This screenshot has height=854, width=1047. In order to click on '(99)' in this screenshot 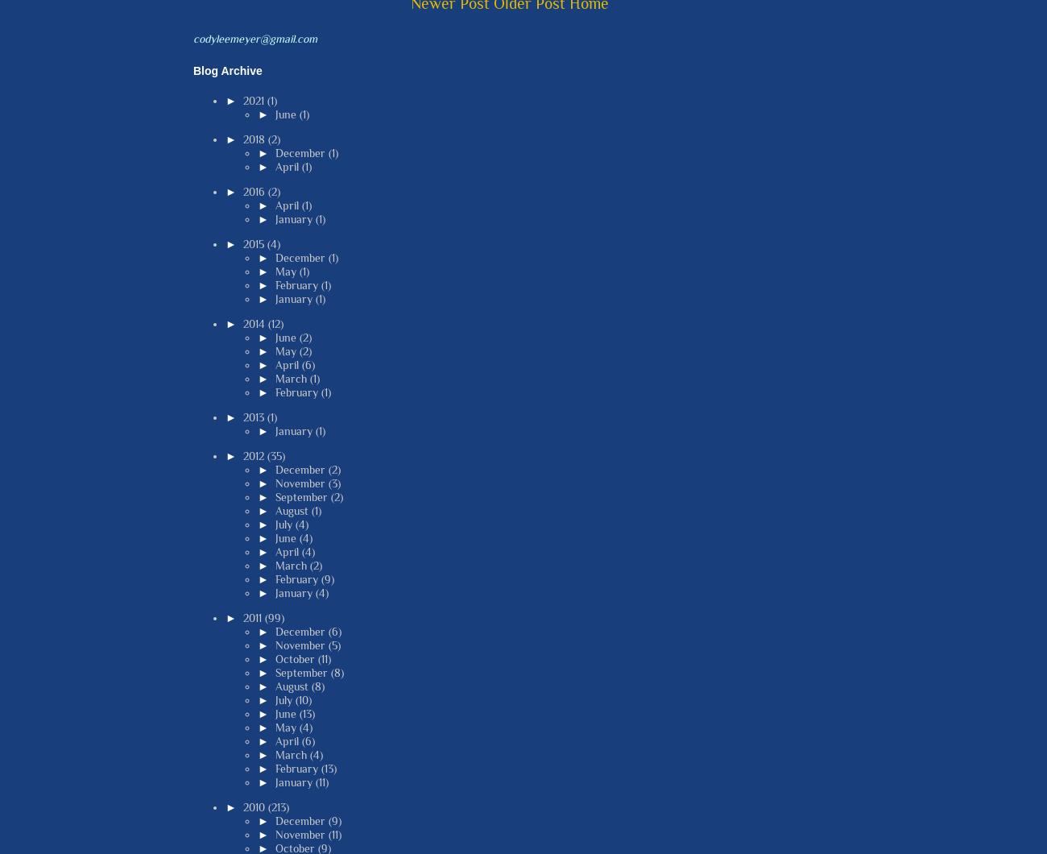, I will do `click(272, 616)`.